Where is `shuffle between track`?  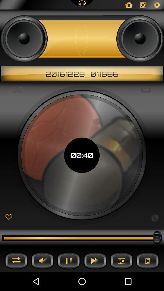
shuffle between track is located at coordinates (16, 260).